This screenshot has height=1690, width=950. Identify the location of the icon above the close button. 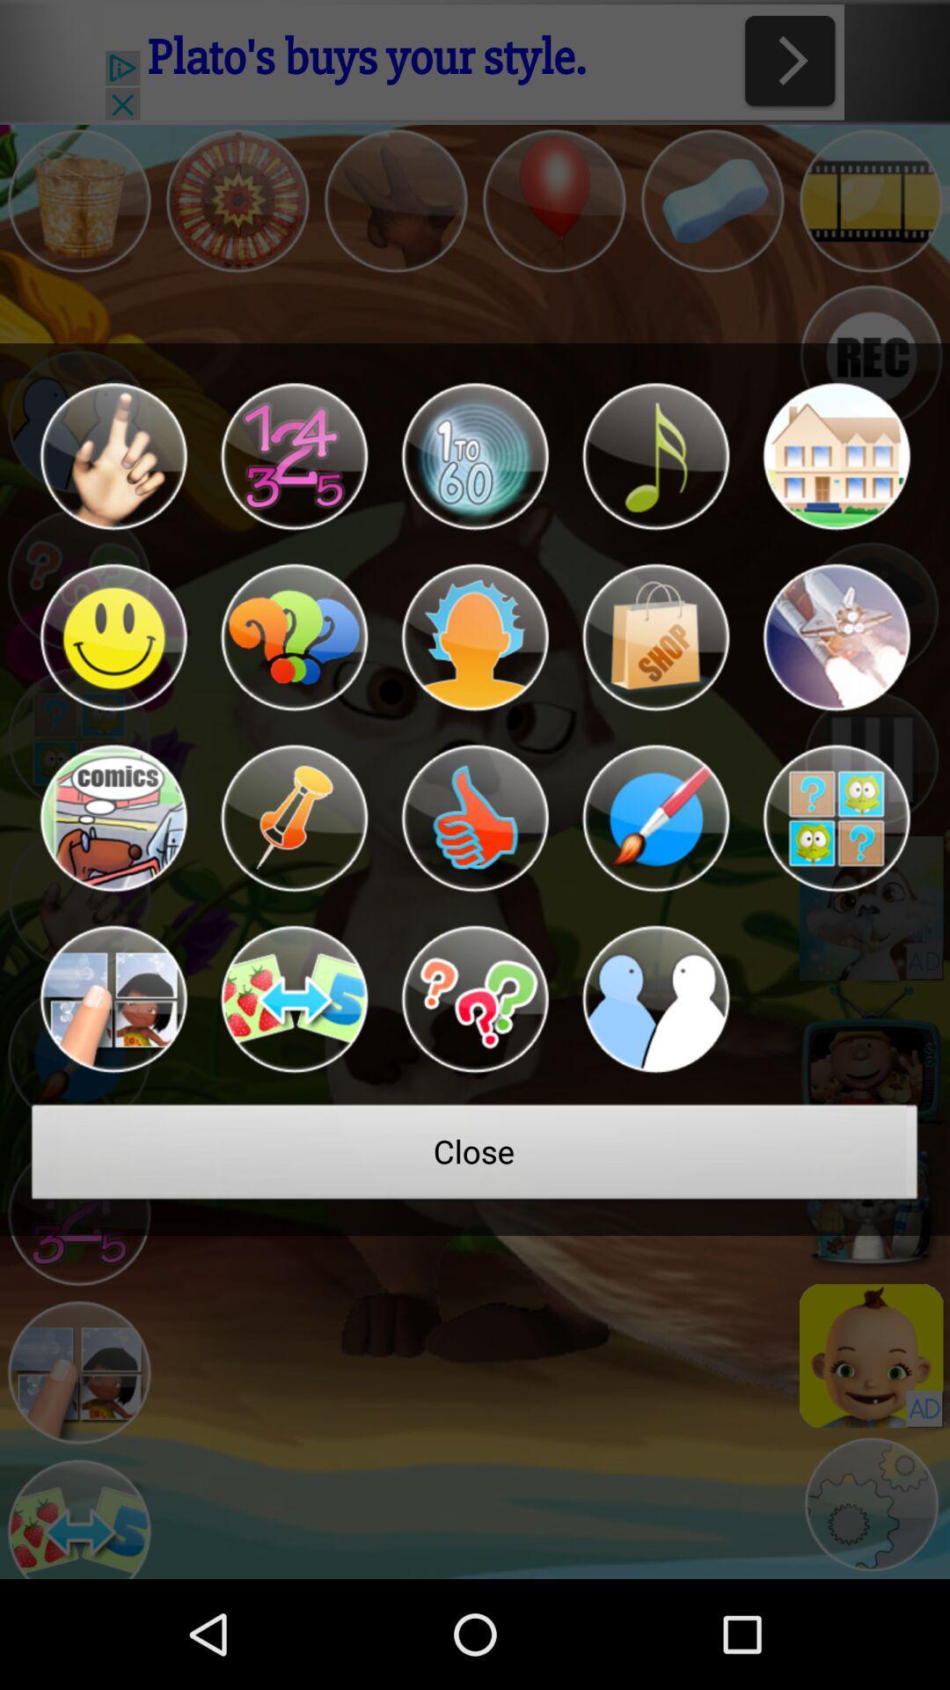
(655, 999).